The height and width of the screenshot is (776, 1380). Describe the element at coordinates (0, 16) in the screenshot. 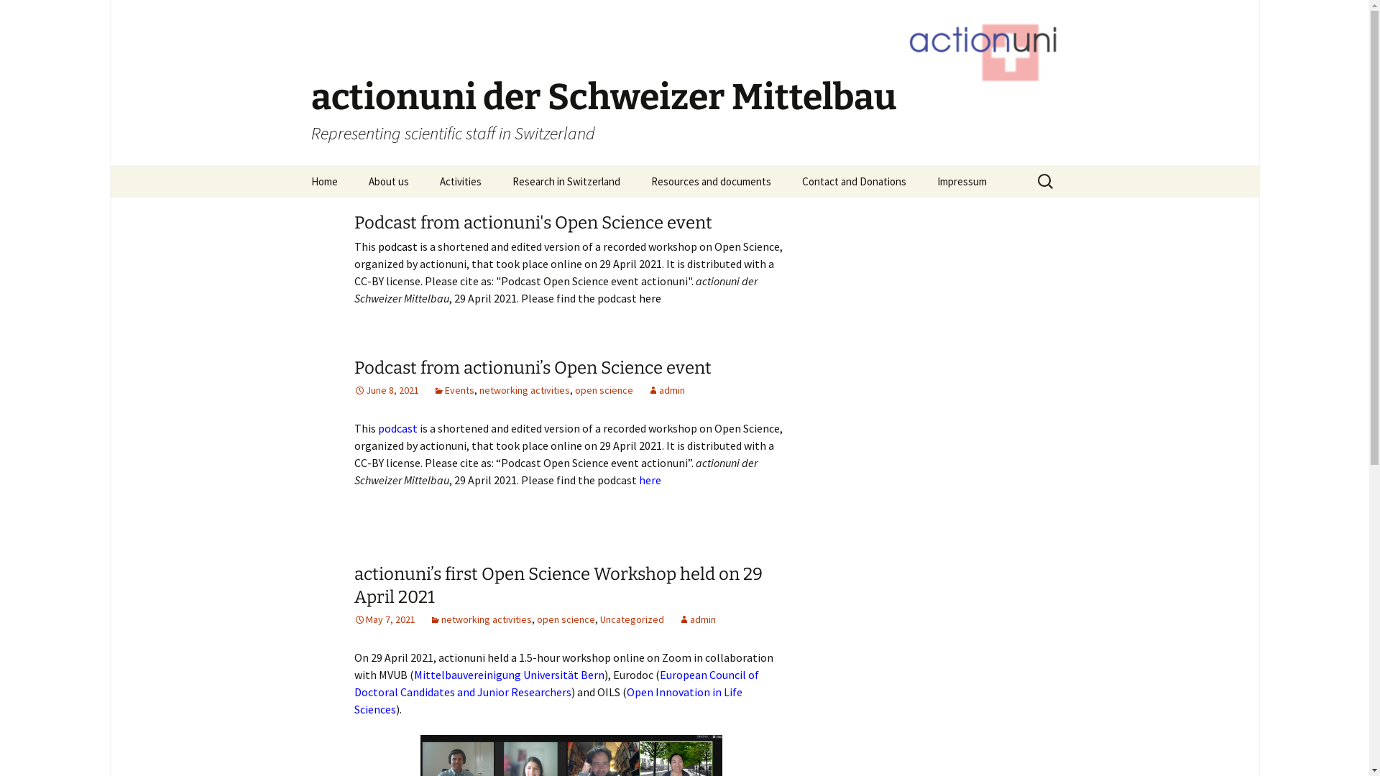

I see `'Search'` at that location.